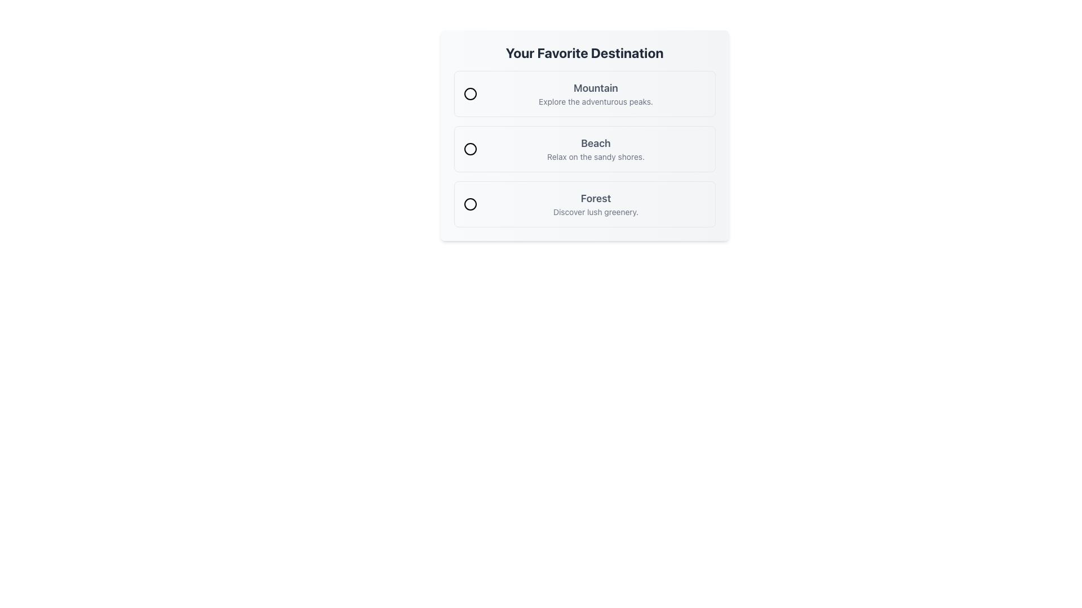 This screenshot has height=608, width=1082. I want to click on the circular radio button, so click(584, 204).